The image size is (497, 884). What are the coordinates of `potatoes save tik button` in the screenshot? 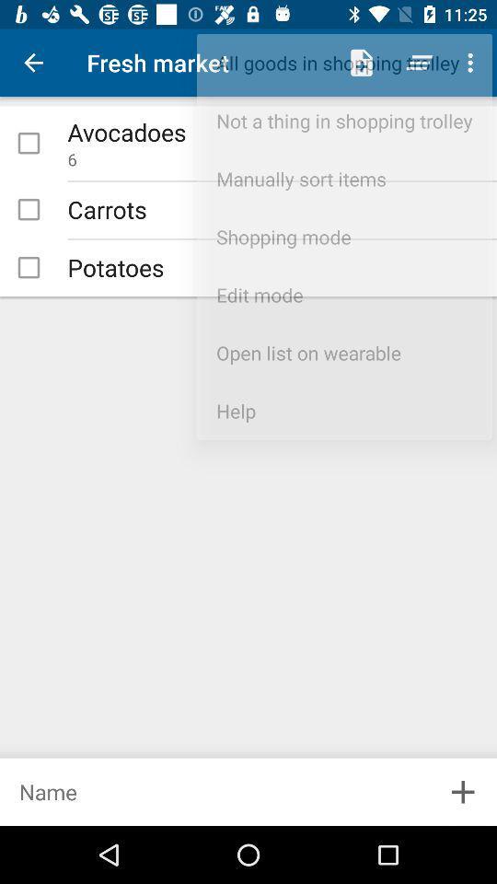 It's located at (28, 266).